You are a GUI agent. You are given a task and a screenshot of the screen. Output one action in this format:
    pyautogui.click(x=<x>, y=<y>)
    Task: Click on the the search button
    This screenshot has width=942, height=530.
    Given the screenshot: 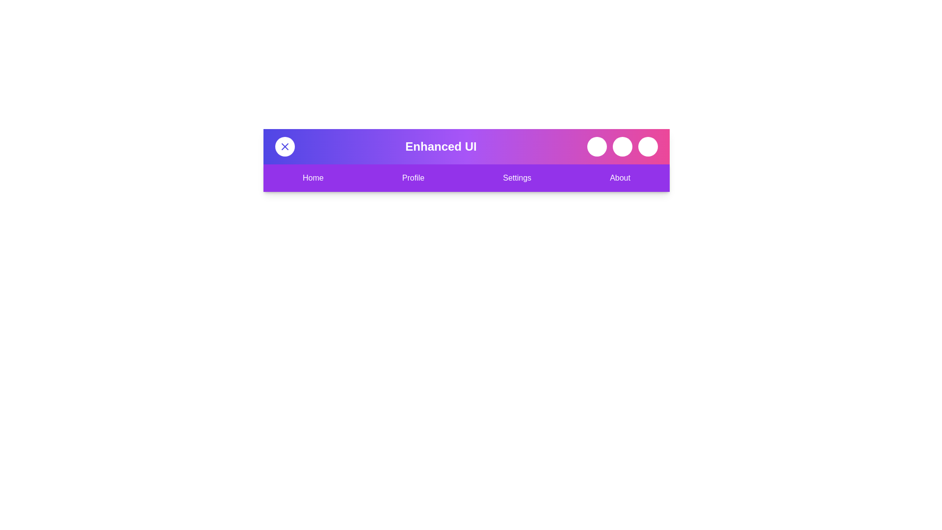 What is the action you would take?
    pyautogui.click(x=596, y=147)
    